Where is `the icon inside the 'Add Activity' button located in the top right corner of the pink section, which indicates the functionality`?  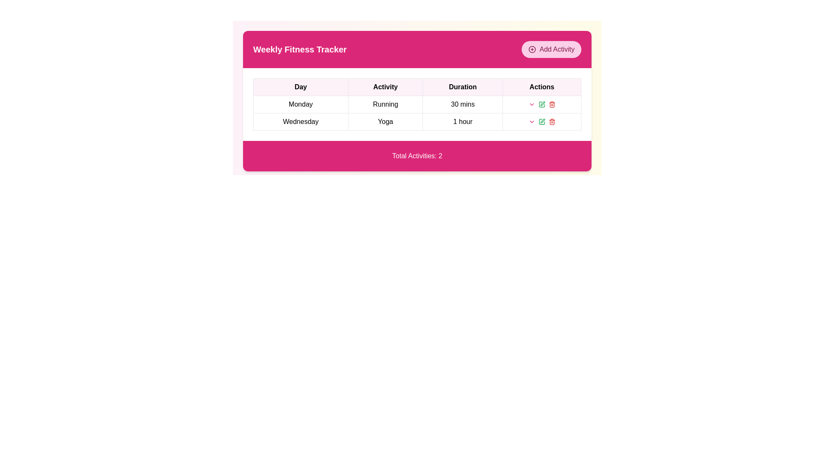
the icon inside the 'Add Activity' button located in the top right corner of the pink section, which indicates the functionality is located at coordinates (532, 49).